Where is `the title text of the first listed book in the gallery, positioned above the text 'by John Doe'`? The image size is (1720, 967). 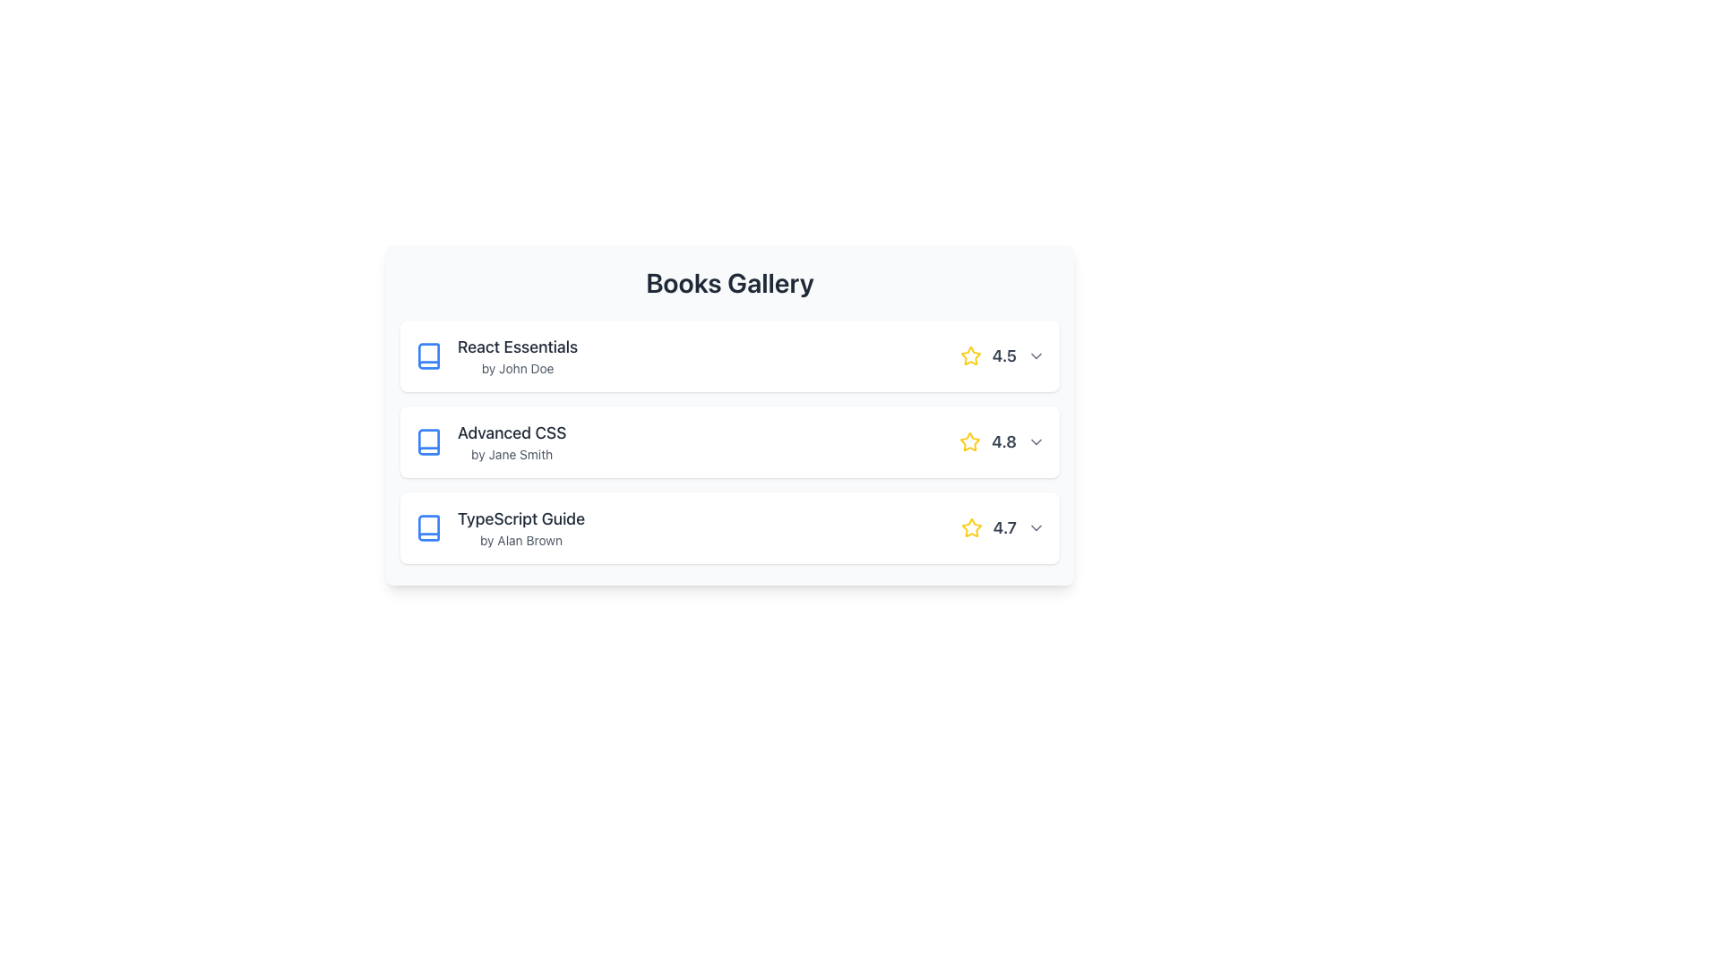
the title text of the first listed book in the gallery, positioned above the text 'by John Doe' is located at coordinates (517, 347).